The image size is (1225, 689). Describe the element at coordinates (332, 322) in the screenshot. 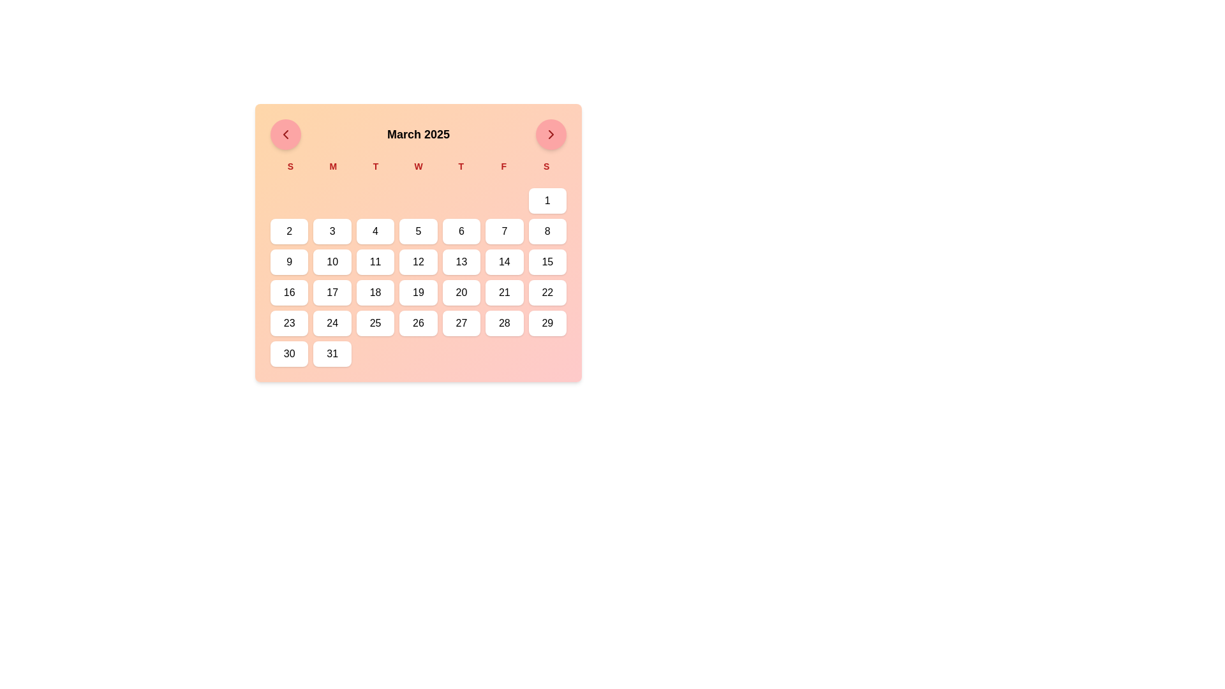

I see `the date selector button for the day '24' in the calendar interface, located in the fourth column and fifth row of a 7x7 grid` at that location.